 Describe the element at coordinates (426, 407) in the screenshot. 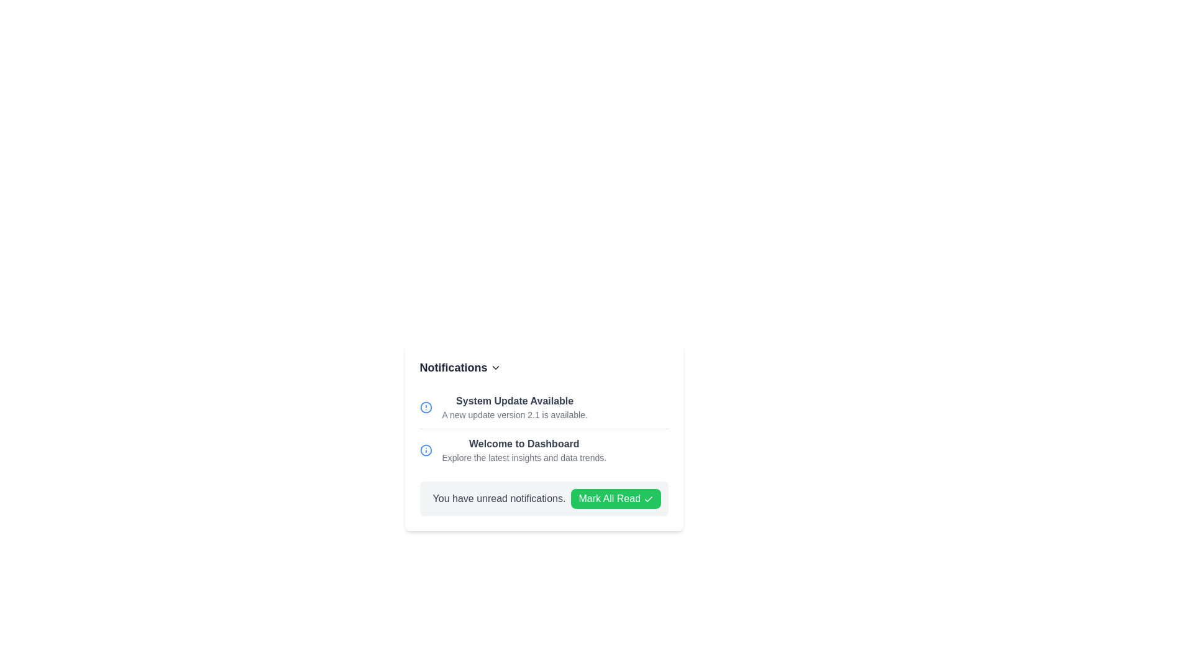

I see `the graphic icon (circle) that represents the alert status for the 'System Update Available' notification, located to the left of the corresponding text` at that location.